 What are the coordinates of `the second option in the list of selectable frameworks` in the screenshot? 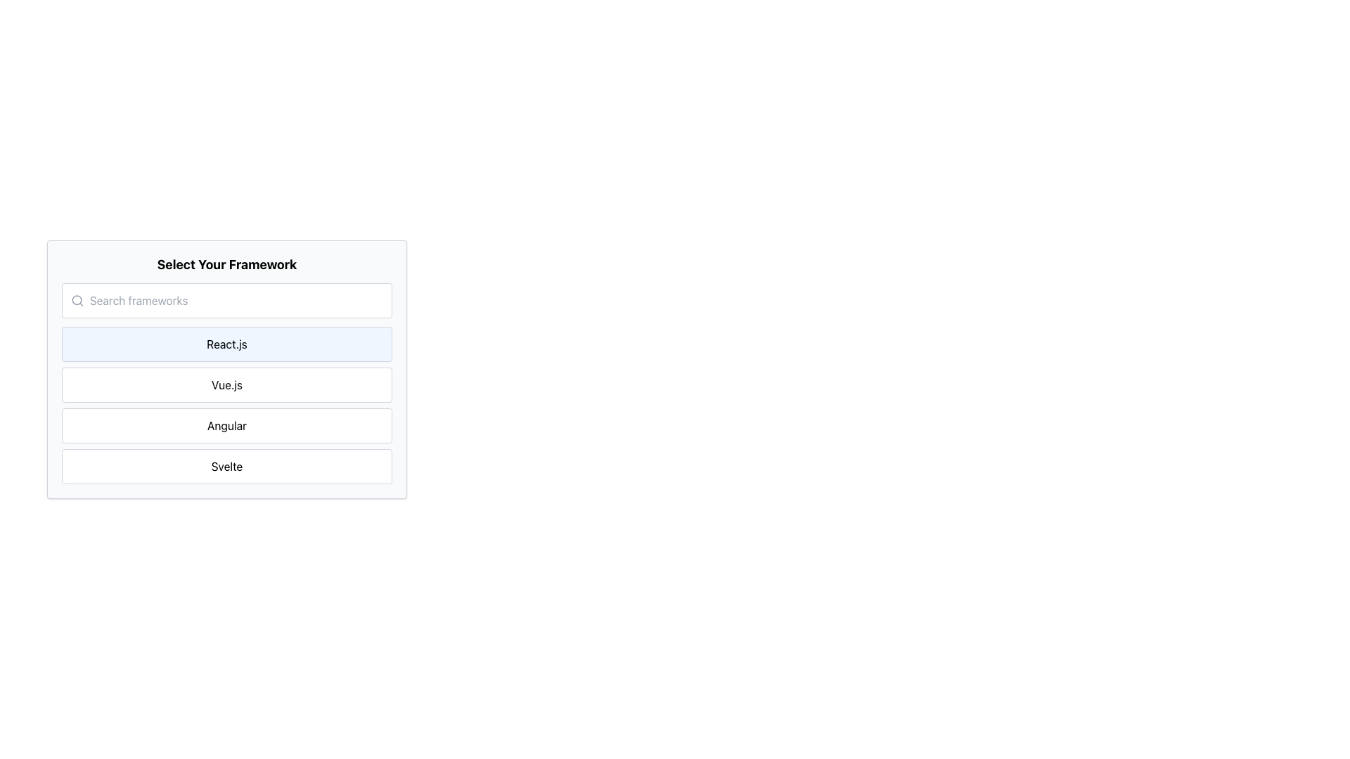 It's located at (226, 368).